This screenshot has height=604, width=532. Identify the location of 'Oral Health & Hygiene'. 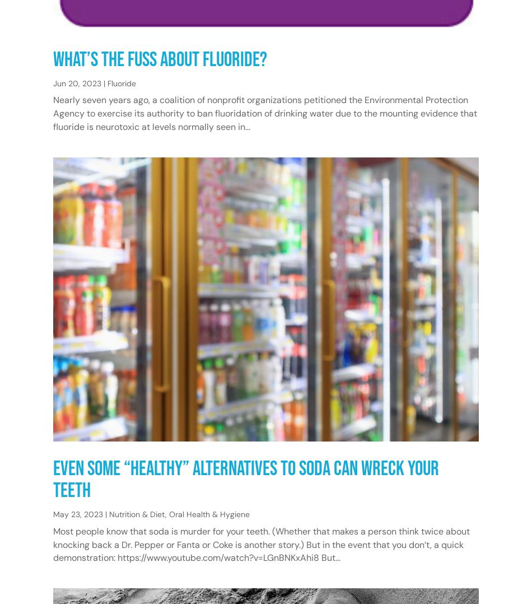
(209, 514).